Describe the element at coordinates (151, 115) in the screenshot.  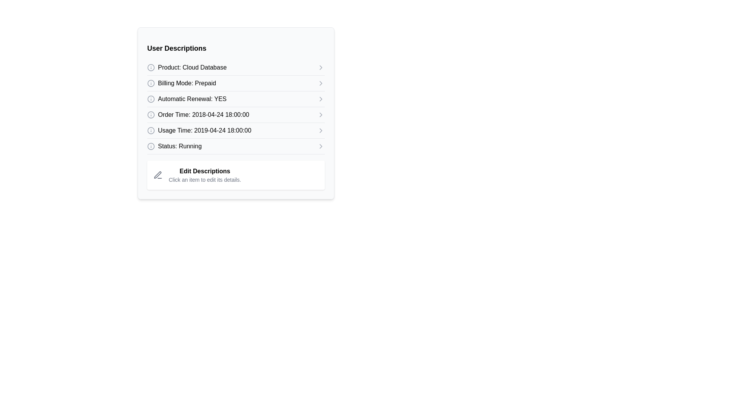
I see `the circular gray icon to the left of the text 'Order Time: 2018-04-24 18:00:00'` at that location.